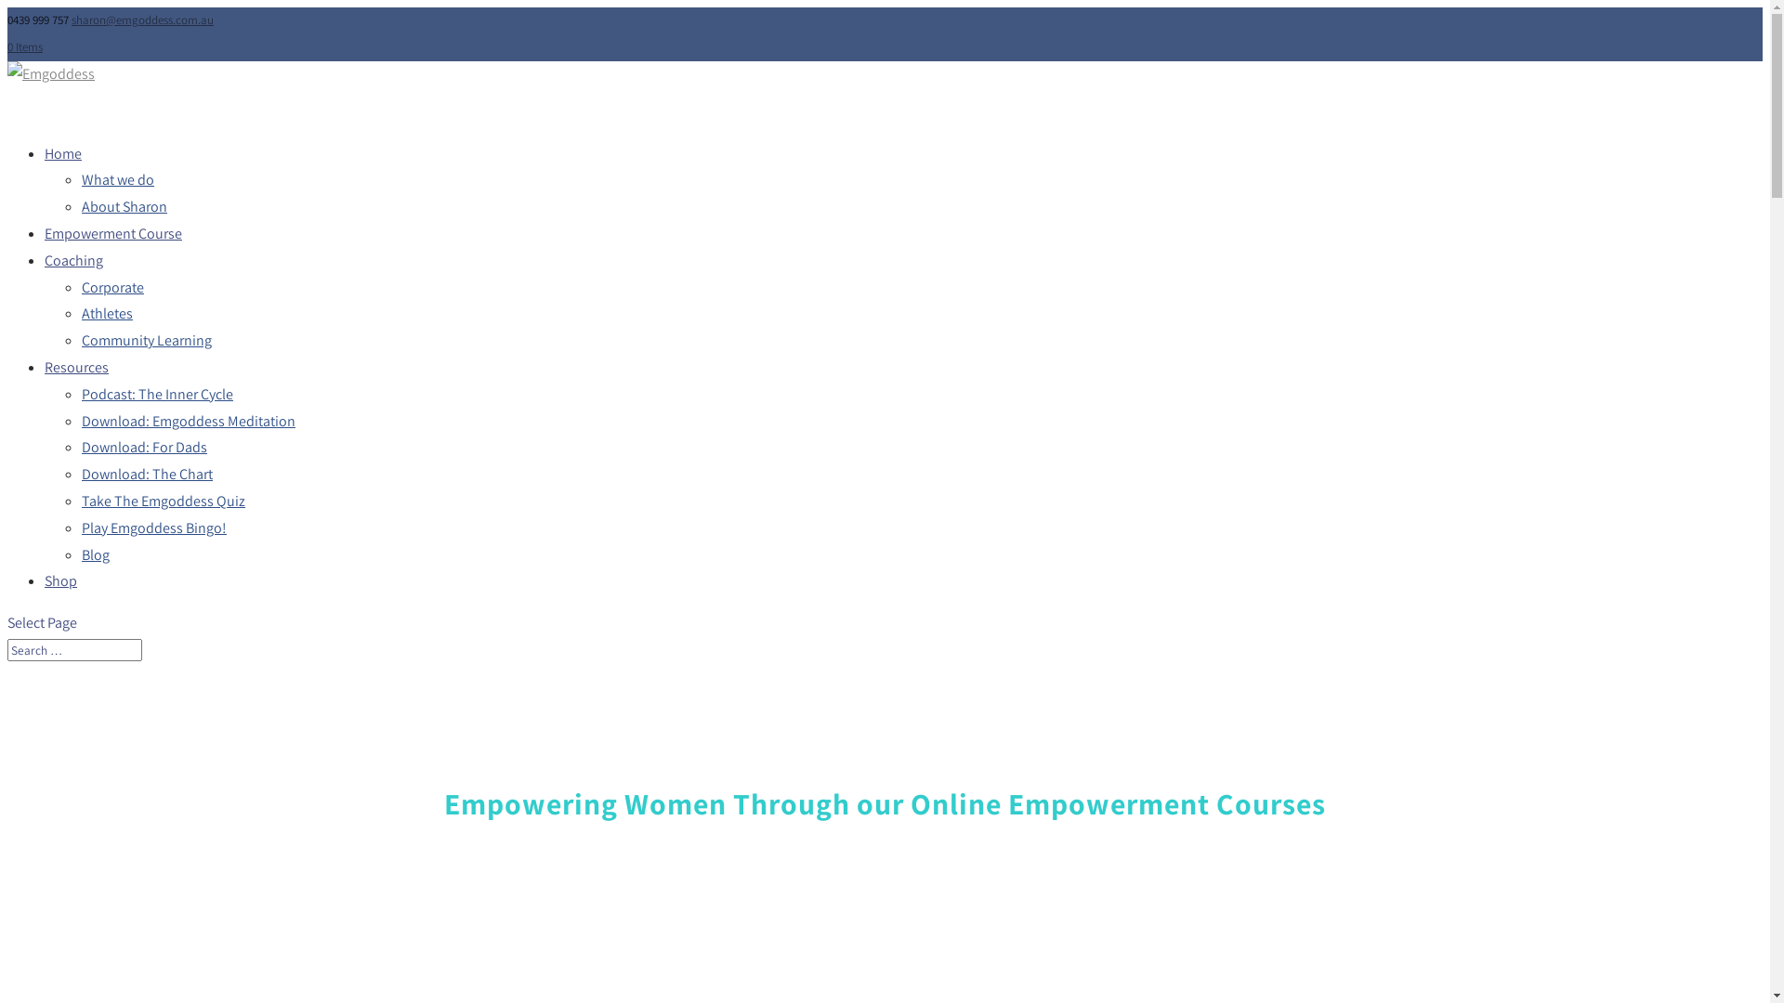 The width and height of the screenshot is (1784, 1003). What do you see at coordinates (80, 447) in the screenshot?
I see `'Download: For Dads'` at bounding box center [80, 447].